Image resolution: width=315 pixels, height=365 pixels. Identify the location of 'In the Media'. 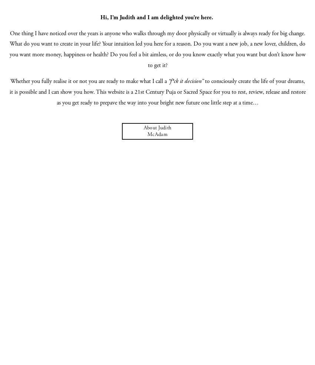
(157, 107).